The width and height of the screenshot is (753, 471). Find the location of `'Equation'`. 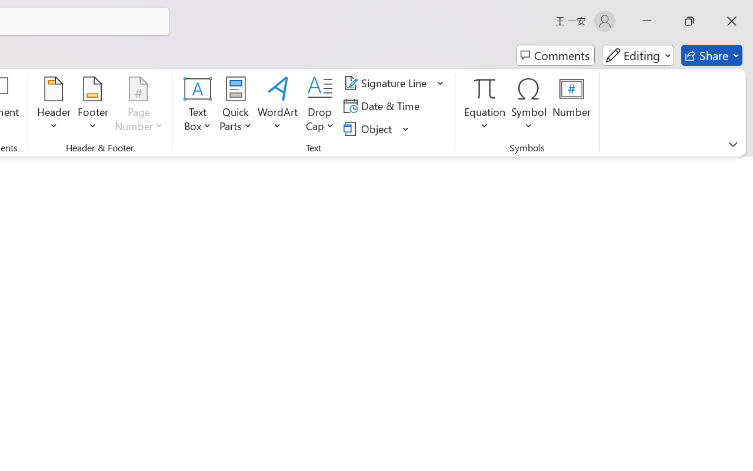

'Equation' is located at coordinates (485, 105).